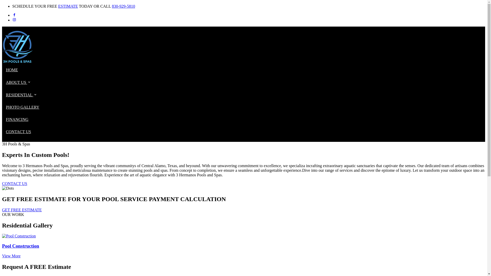 The width and height of the screenshot is (491, 276). I want to click on 'CONTACT US', so click(15, 183).